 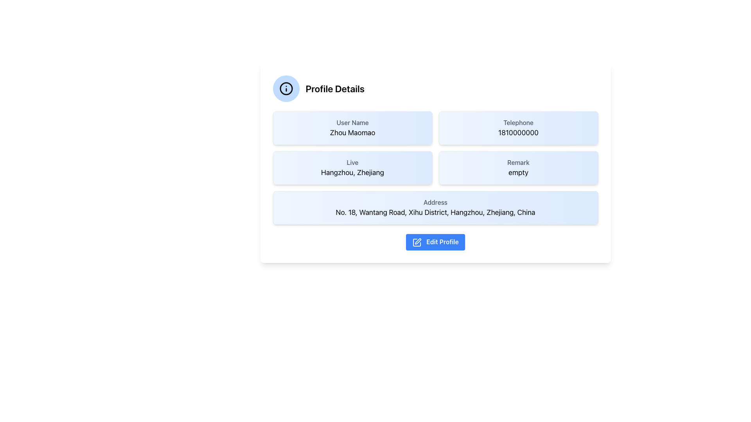 What do you see at coordinates (352, 127) in the screenshot?
I see `the Informational card displaying 'User Name' and 'Zhou Maomao', located in the top-left section of the grid layout` at bounding box center [352, 127].